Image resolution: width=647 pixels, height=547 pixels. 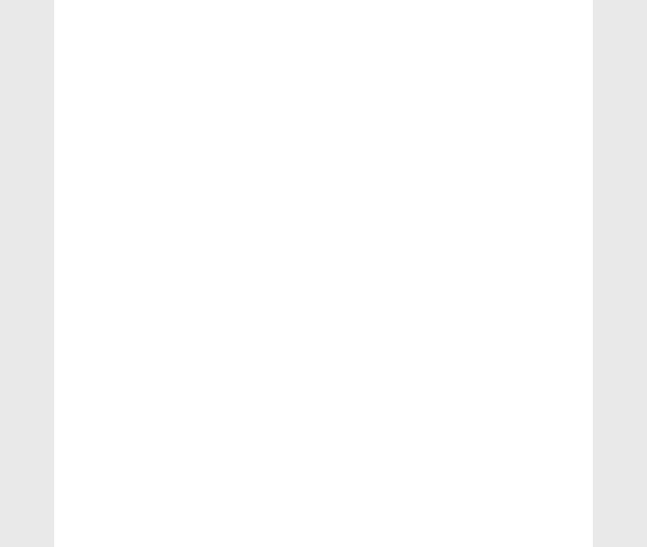 I want to click on 'Driving Education', so click(x=111, y=92).